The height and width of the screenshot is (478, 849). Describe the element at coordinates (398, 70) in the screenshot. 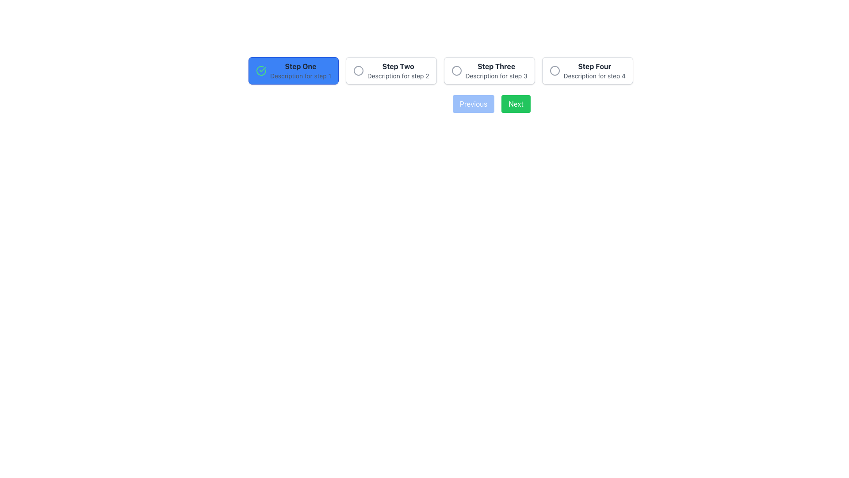

I see `the Label or Text Block that represents the second step in the multi-step navigation process, located to the immediate right of 'Step One'` at that location.